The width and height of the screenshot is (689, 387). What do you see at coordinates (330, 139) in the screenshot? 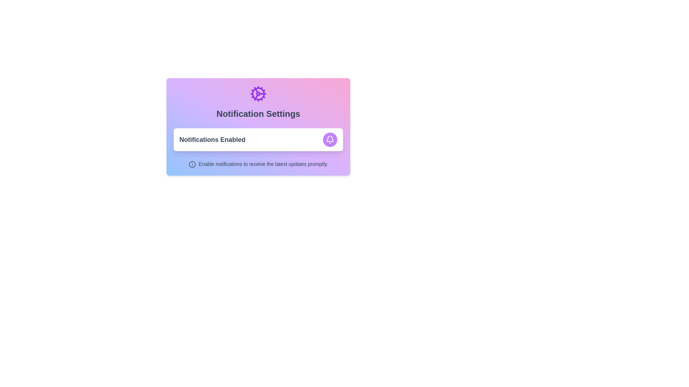
I see `the alert or notification icon positioned inside a purple circular background, located to the right of the 'Notifications Enabled' button` at bounding box center [330, 139].